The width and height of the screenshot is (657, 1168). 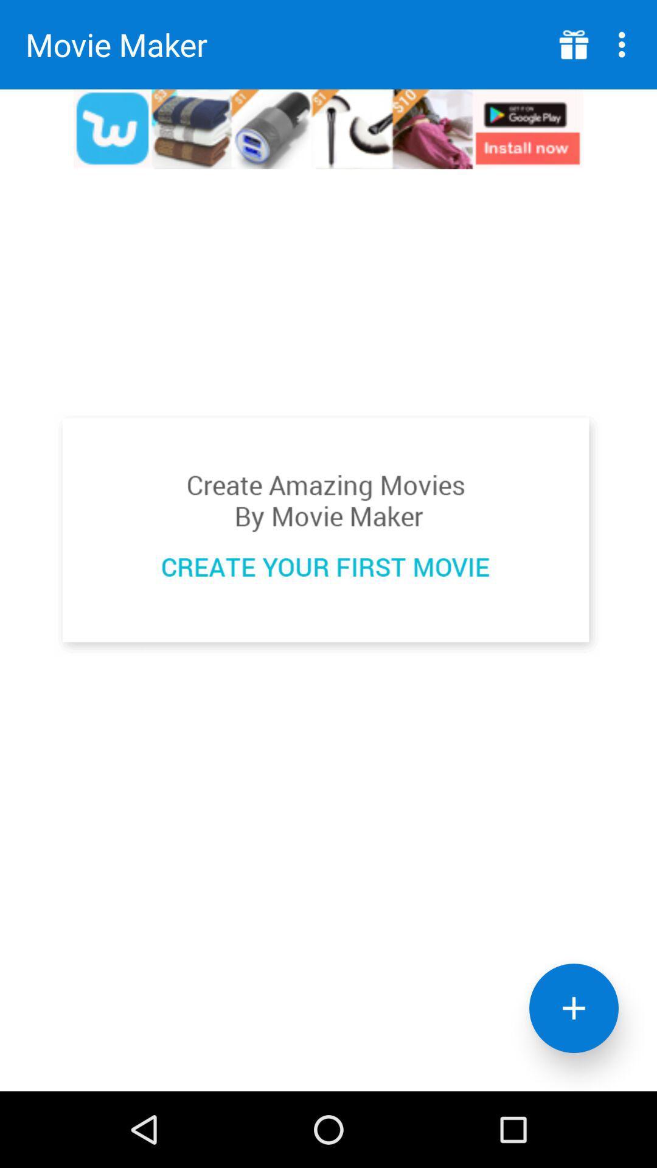 What do you see at coordinates (327, 534) in the screenshot?
I see `a movie` at bounding box center [327, 534].